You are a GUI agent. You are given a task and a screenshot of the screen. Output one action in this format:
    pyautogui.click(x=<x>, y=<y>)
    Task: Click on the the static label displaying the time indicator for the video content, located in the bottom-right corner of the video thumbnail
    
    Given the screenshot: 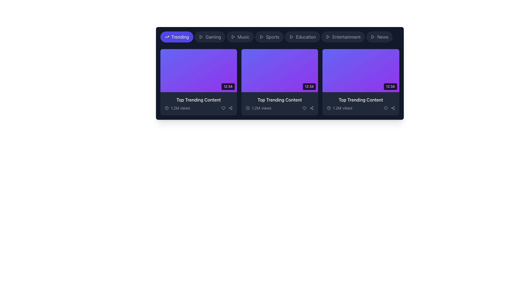 What is the action you would take?
    pyautogui.click(x=390, y=86)
    